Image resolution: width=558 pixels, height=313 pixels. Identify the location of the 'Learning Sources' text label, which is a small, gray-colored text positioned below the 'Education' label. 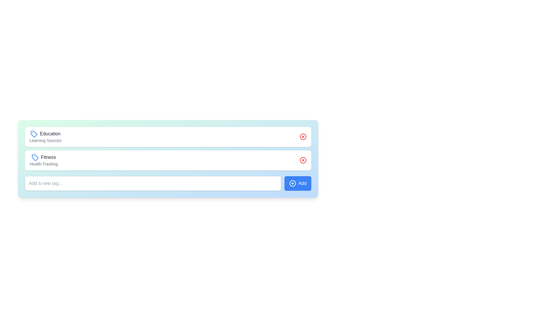
(45, 140).